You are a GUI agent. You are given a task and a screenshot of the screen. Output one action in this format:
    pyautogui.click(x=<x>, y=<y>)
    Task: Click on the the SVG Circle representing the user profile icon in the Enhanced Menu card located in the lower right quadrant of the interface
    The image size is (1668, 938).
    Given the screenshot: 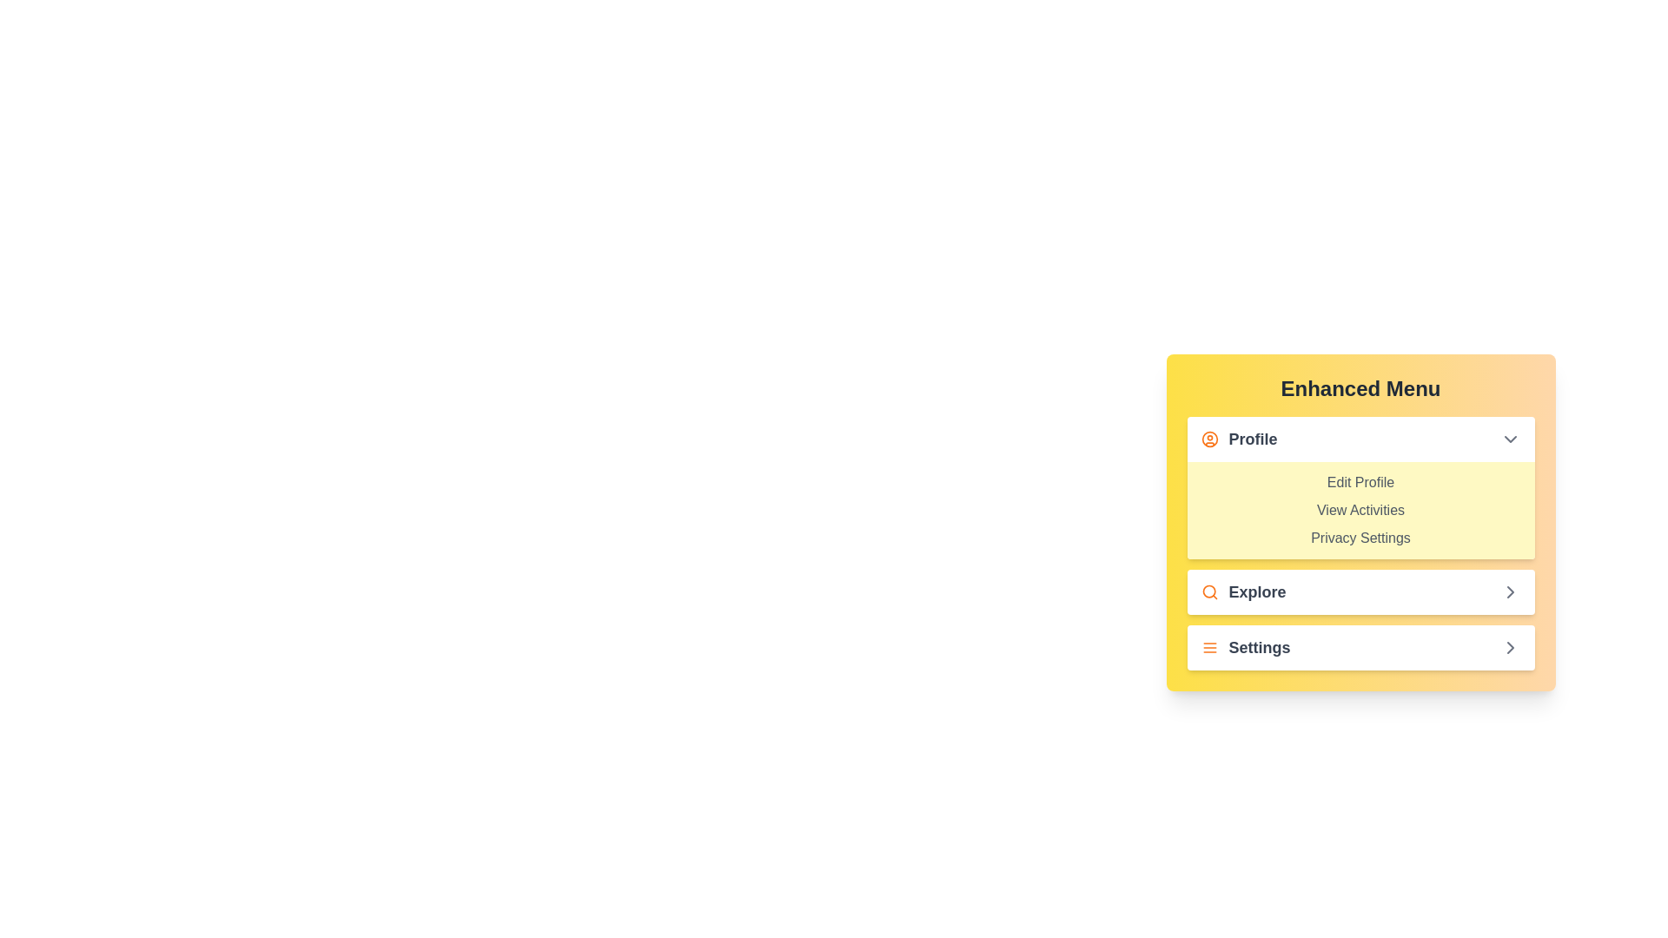 What is the action you would take?
    pyautogui.click(x=1208, y=438)
    